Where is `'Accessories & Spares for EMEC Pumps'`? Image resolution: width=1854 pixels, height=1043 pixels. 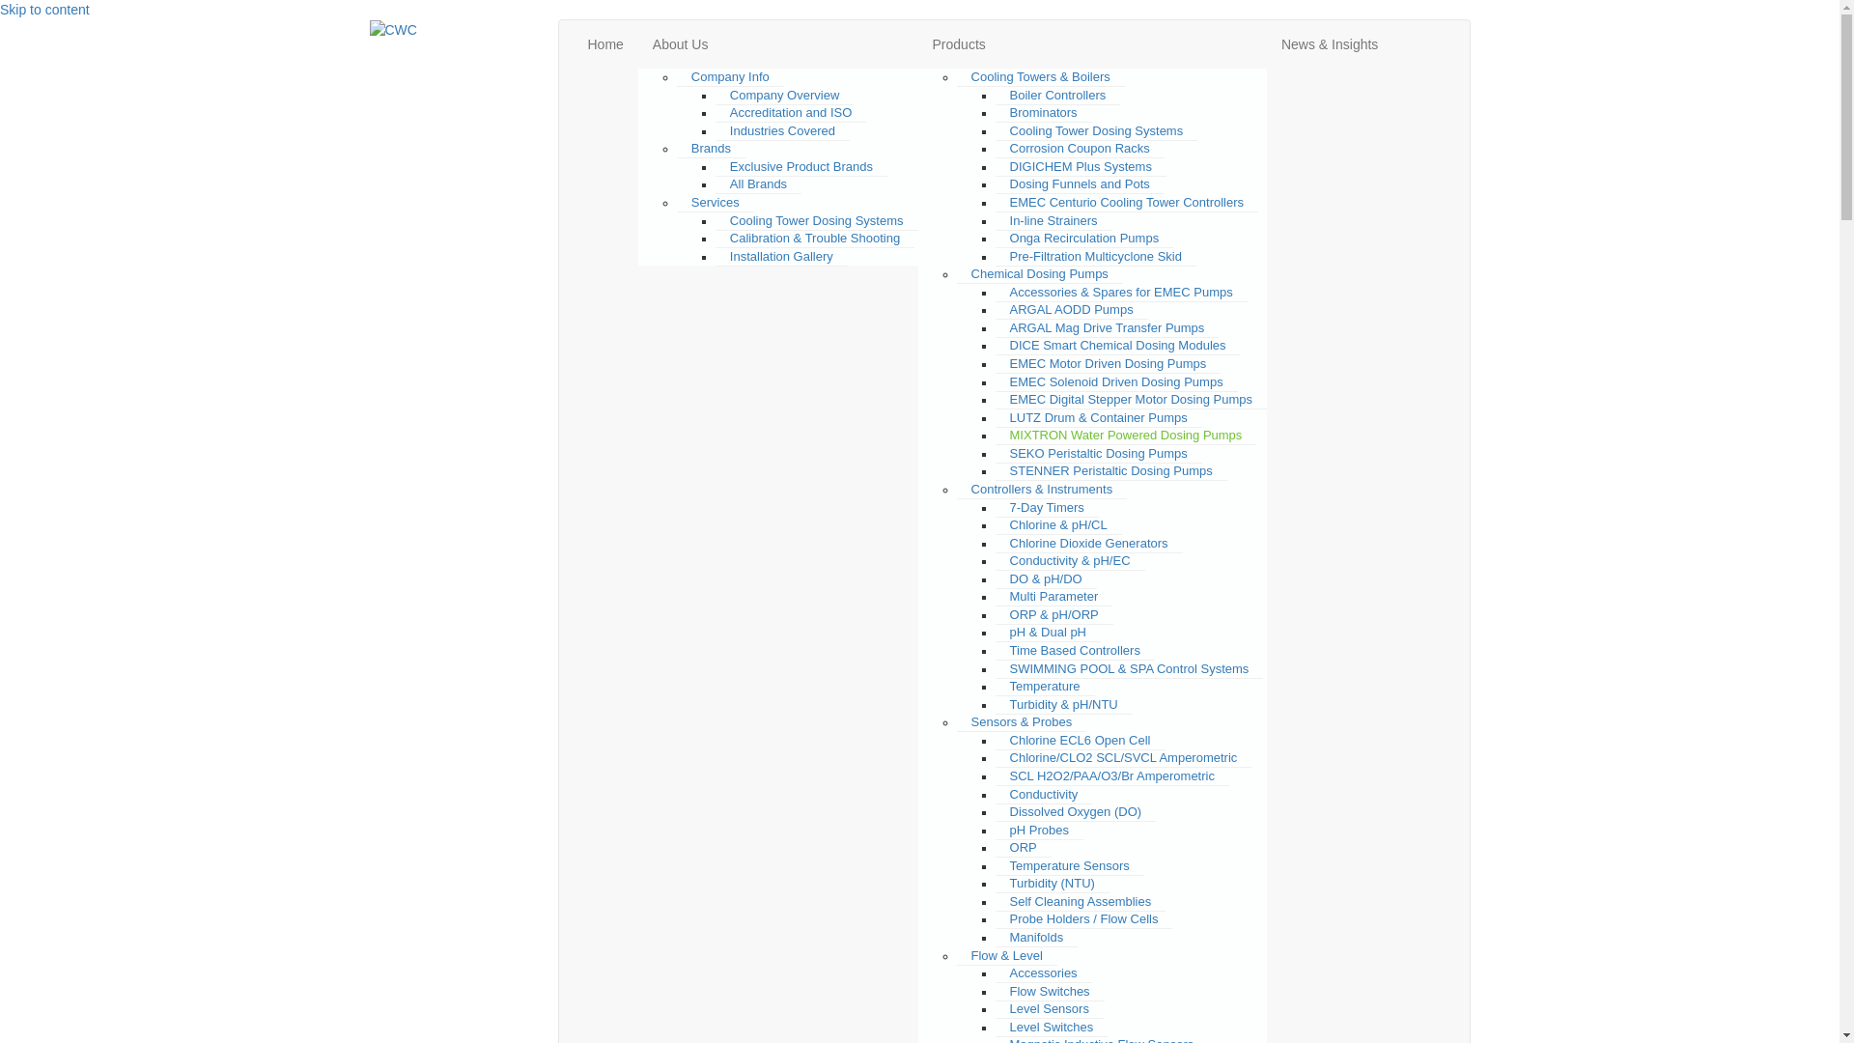 'Accessories & Spares for EMEC Pumps' is located at coordinates (1121, 293).